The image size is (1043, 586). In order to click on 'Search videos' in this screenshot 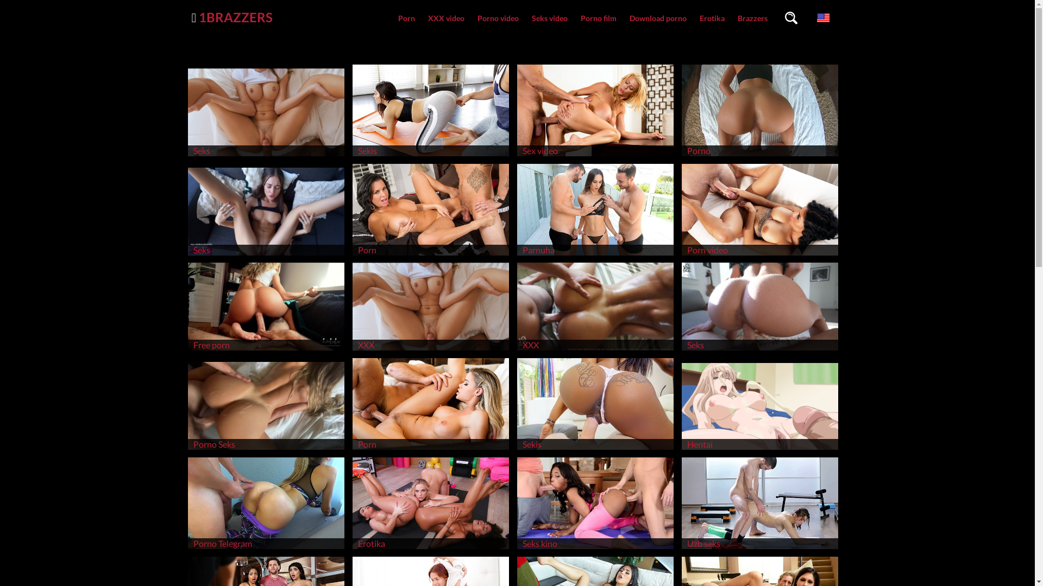, I will do `click(790, 18)`.